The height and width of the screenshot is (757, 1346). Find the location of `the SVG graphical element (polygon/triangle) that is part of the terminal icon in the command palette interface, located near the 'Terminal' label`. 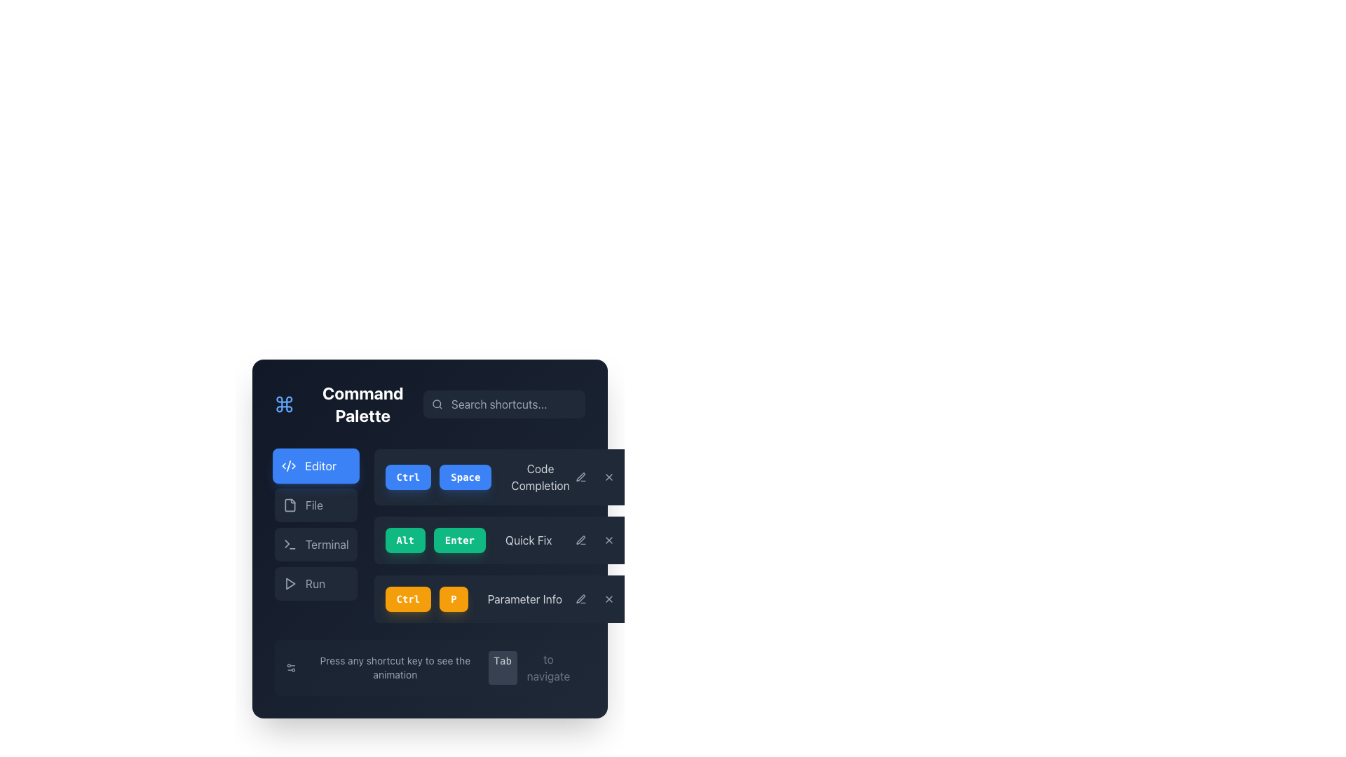

the SVG graphical element (polygon/triangle) that is part of the terminal icon in the command palette interface, located near the 'Terminal' label is located at coordinates (286, 543).